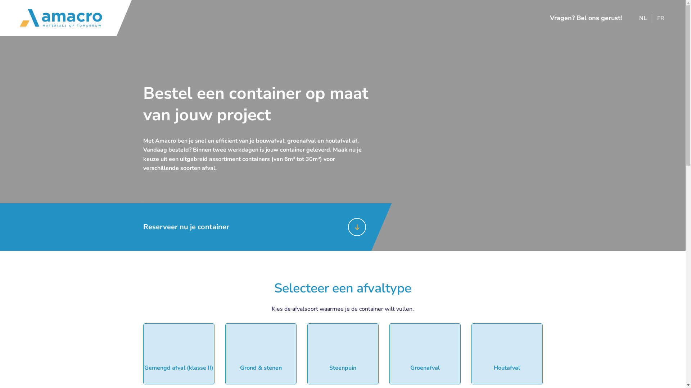 Image resolution: width=691 pixels, height=388 pixels. What do you see at coordinates (643, 18) in the screenshot?
I see `'NL'` at bounding box center [643, 18].